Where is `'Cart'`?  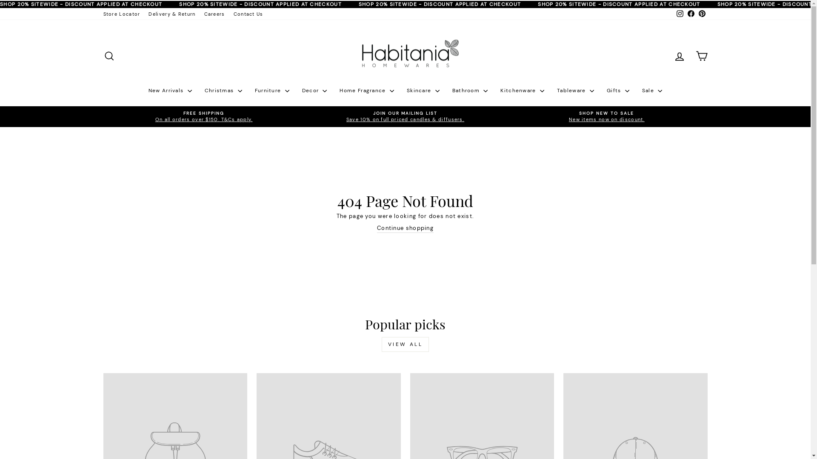
'Cart' is located at coordinates (701, 56).